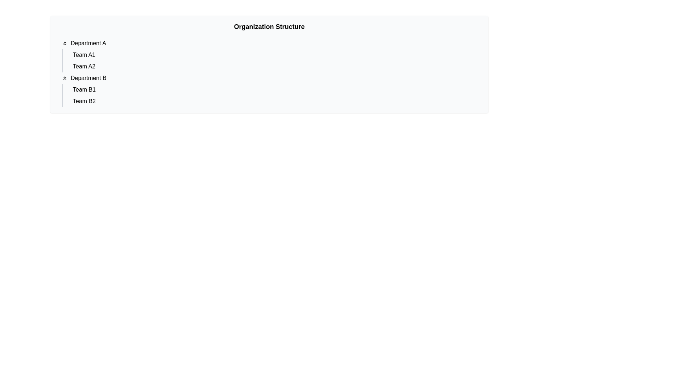 Image resolution: width=696 pixels, height=391 pixels. What do you see at coordinates (65, 78) in the screenshot?
I see `the toggle button icon, which resembles two upward-pointing chevrons, located to the left of the label 'Department B'` at bounding box center [65, 78].